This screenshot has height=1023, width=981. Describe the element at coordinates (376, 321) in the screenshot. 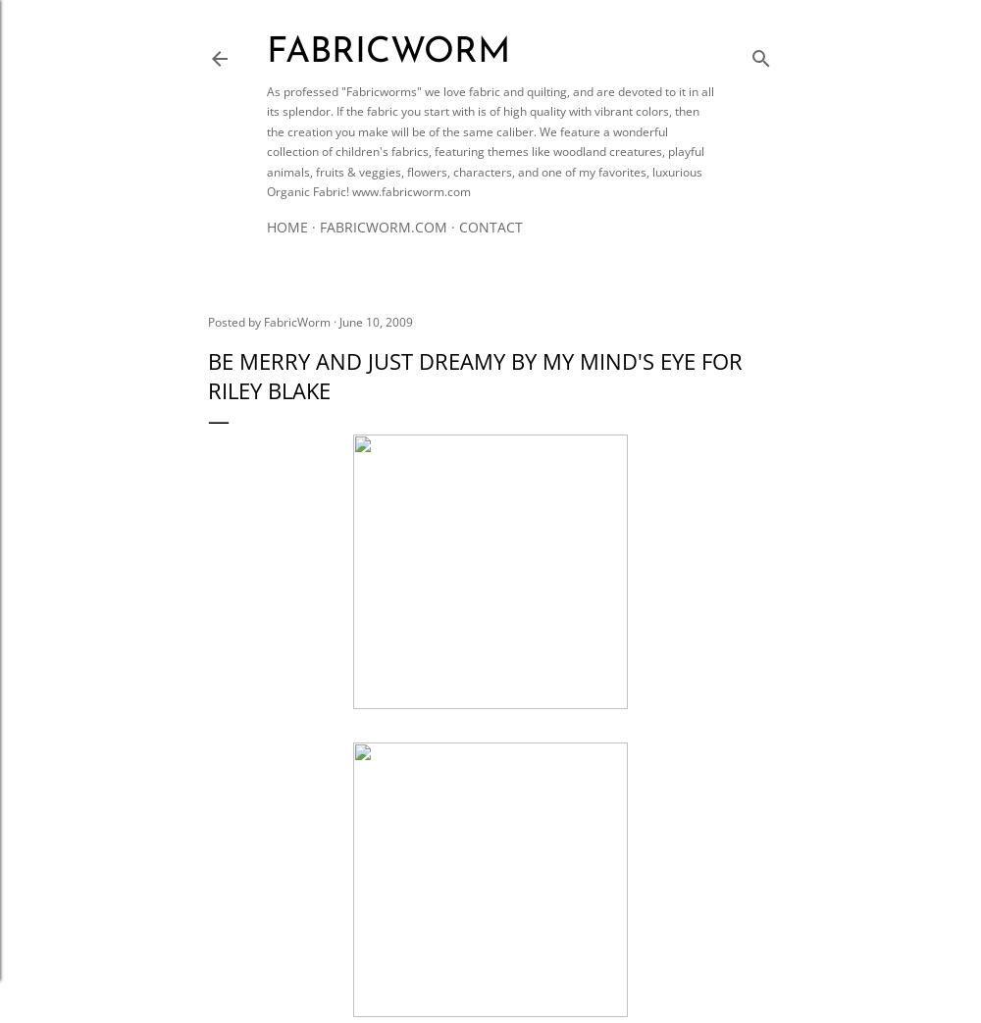

I see `'June 10, 2009'` at that location.